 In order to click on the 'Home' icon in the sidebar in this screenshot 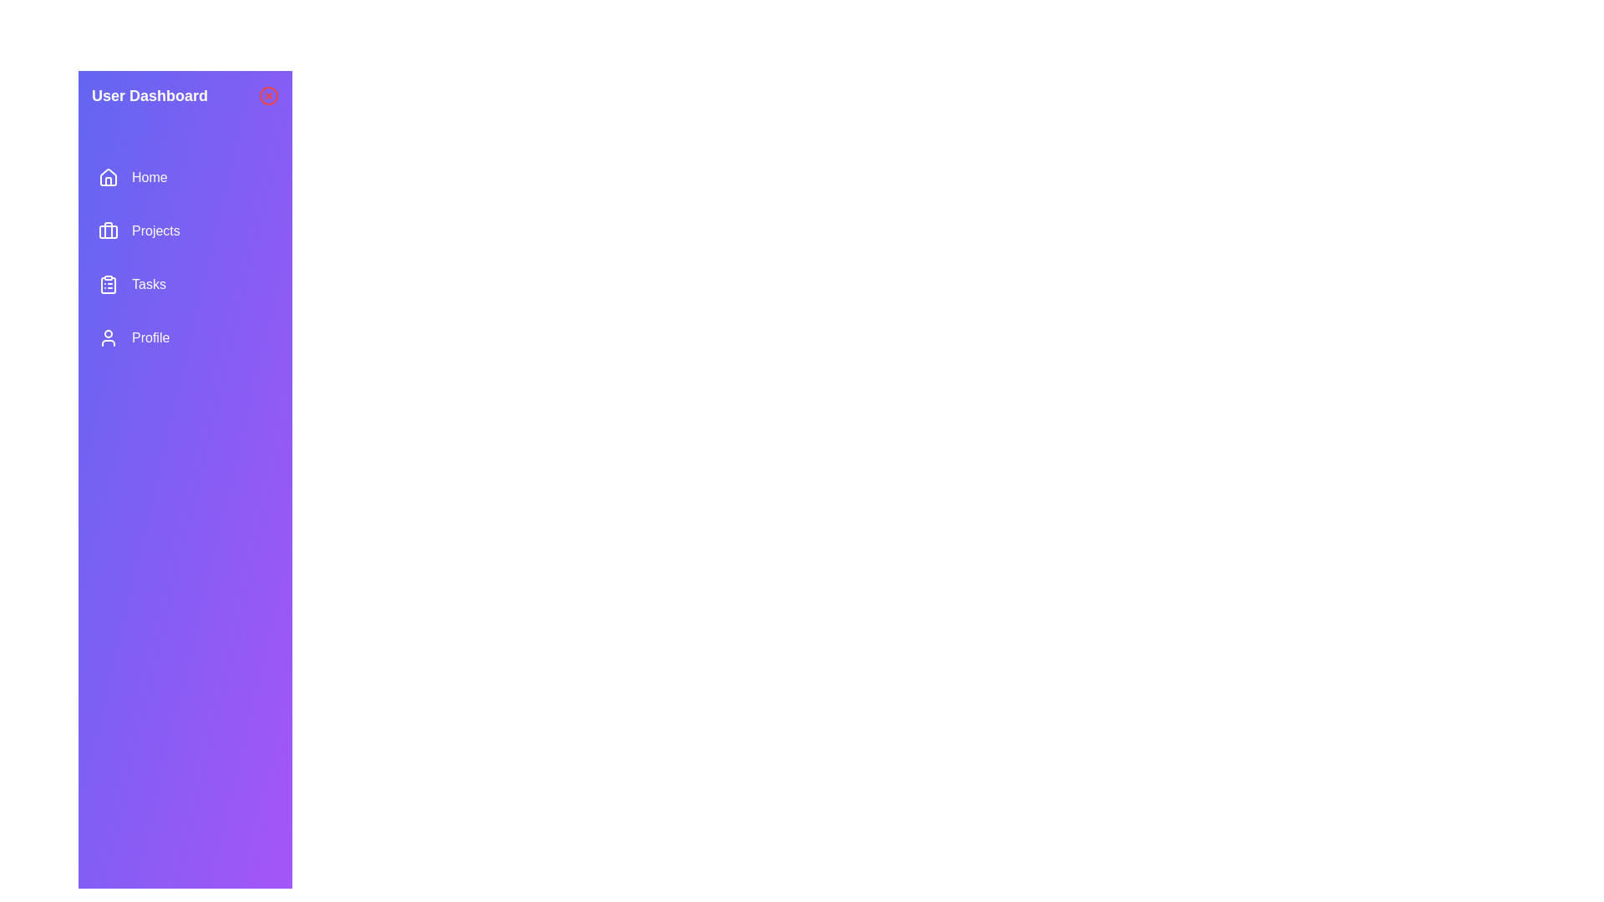, I will do `click(107, 177)`.